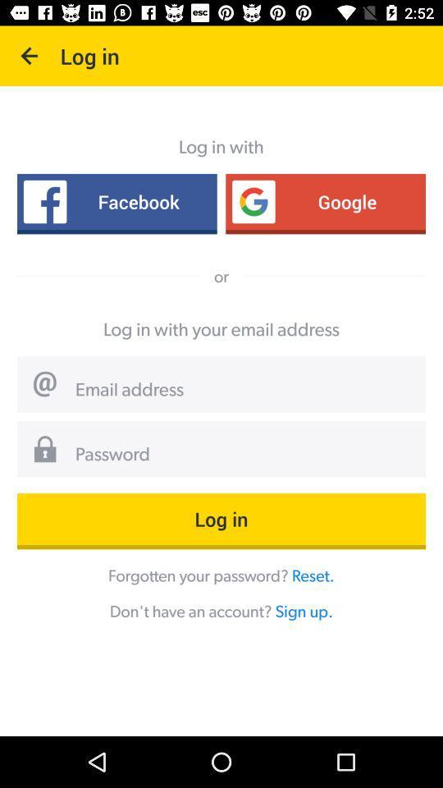 The height and width of the screenshot is (788, 443). I want to click on the item next to google, so click(116, 200).